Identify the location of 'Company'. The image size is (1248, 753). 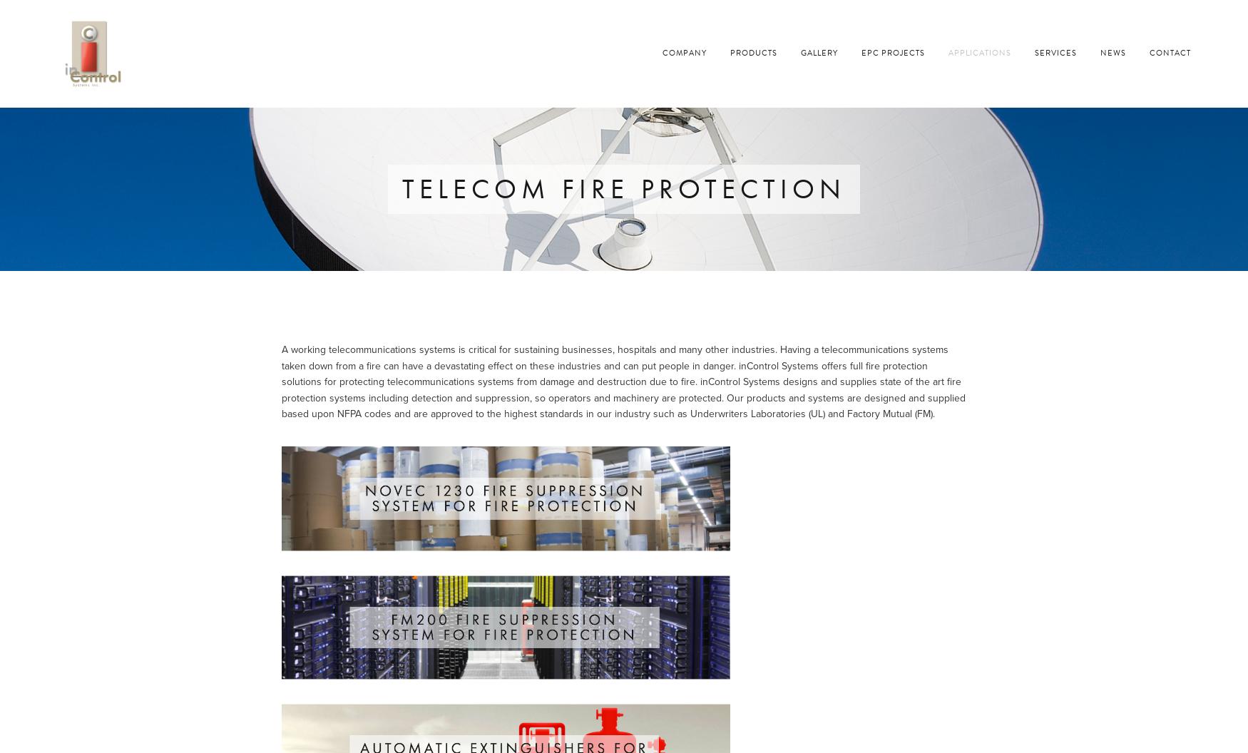
(685, 52).